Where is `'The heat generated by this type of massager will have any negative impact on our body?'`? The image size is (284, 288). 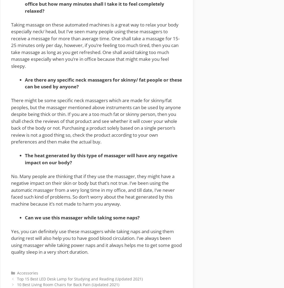
'The heat generated by this type of massager will have any negative impact on our body?' is located at coordinates (101, 159).